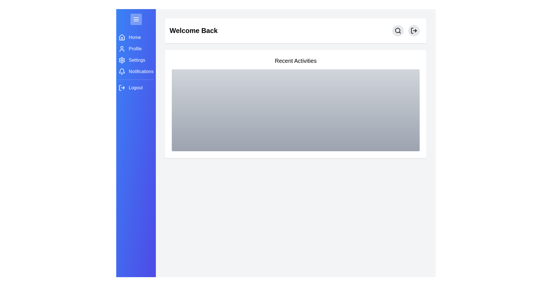  Describe the element at coordinates (136, 80) in the screenshot. I see `the menu items near the Indicator bar located below 'Notifications' and above 'Logout' in the sidebar navigation` at that location.